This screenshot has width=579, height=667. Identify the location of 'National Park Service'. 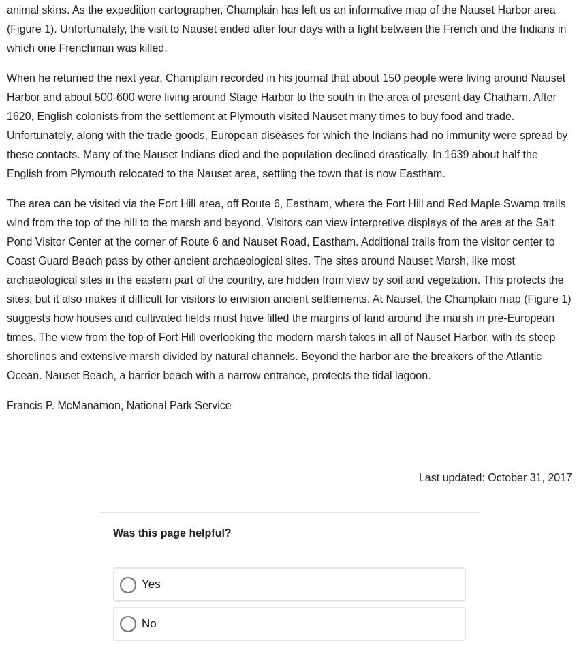
(435, 611).